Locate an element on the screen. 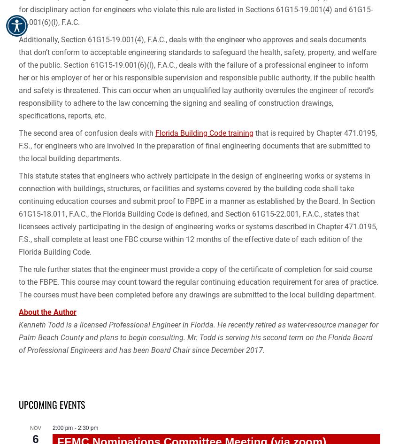  'The second area of confusion deals with' is located at coordinates (86, 133).